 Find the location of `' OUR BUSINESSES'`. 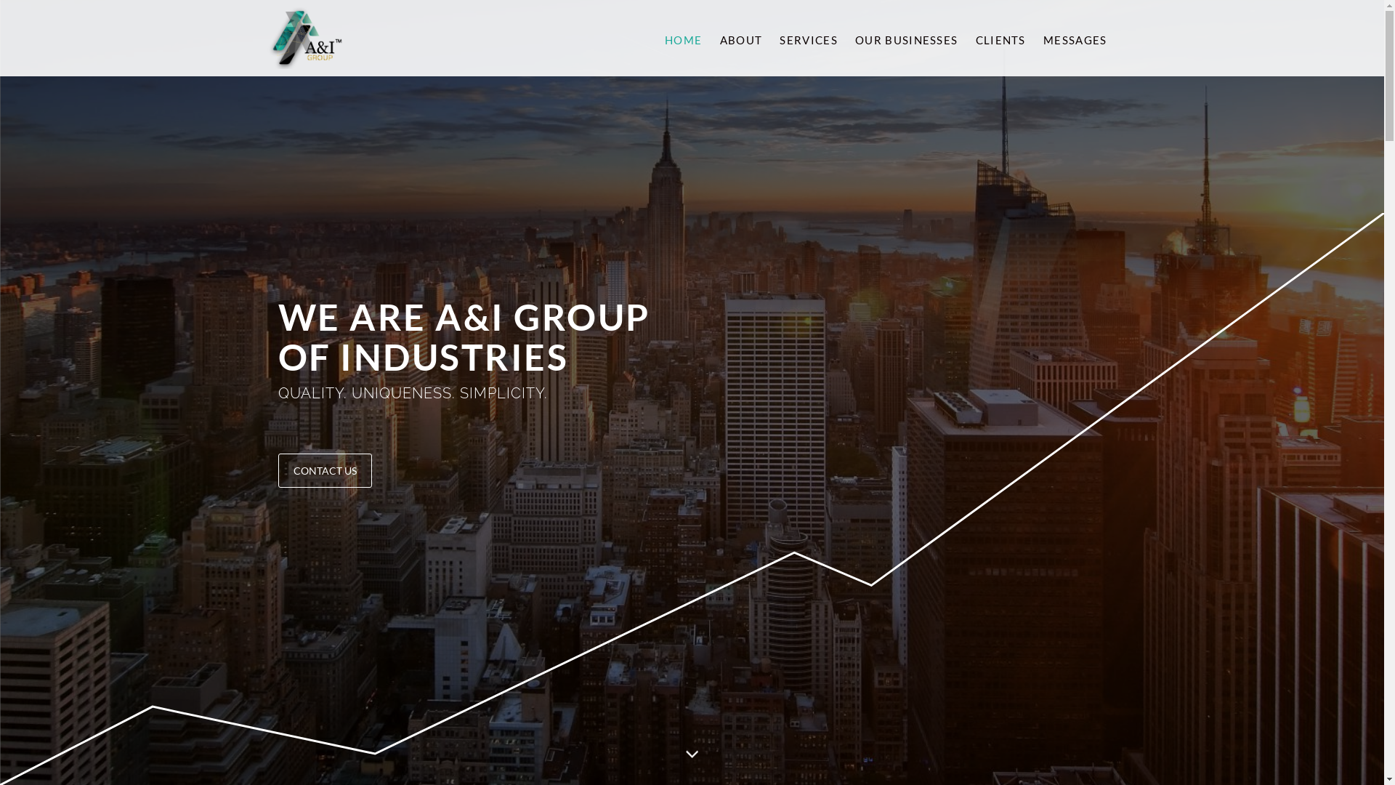

' OUR BUSINESSES' is located at coordinates (905, 37).